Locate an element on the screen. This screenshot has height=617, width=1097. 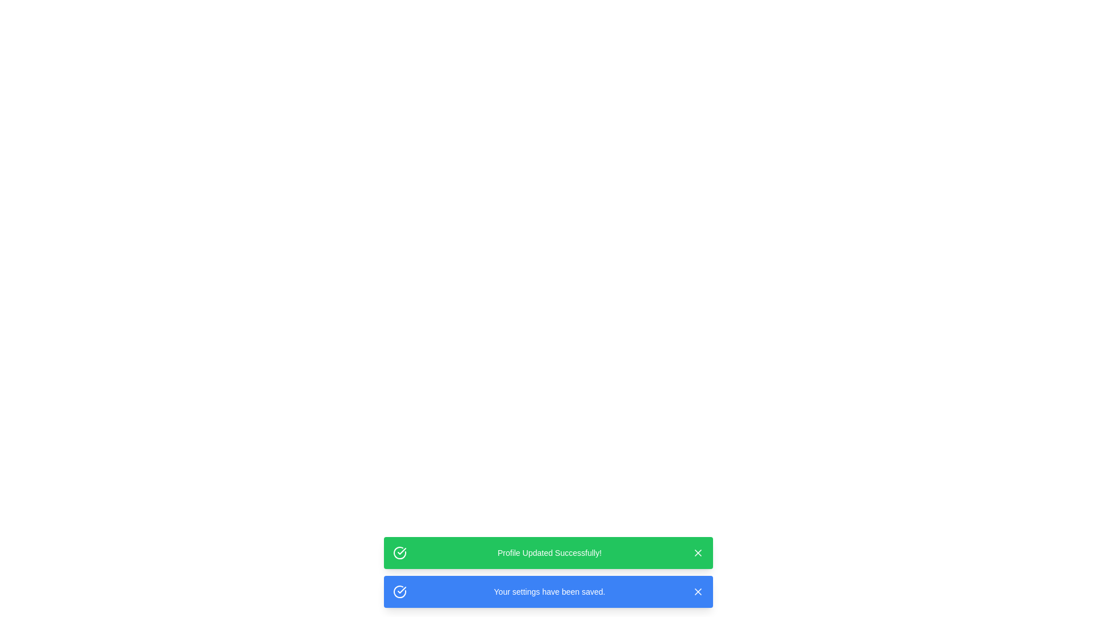
the notification message Text Label that indicates the user's profile has been successfully updated, located within the green notification bar is located at coordinates (549, 552).